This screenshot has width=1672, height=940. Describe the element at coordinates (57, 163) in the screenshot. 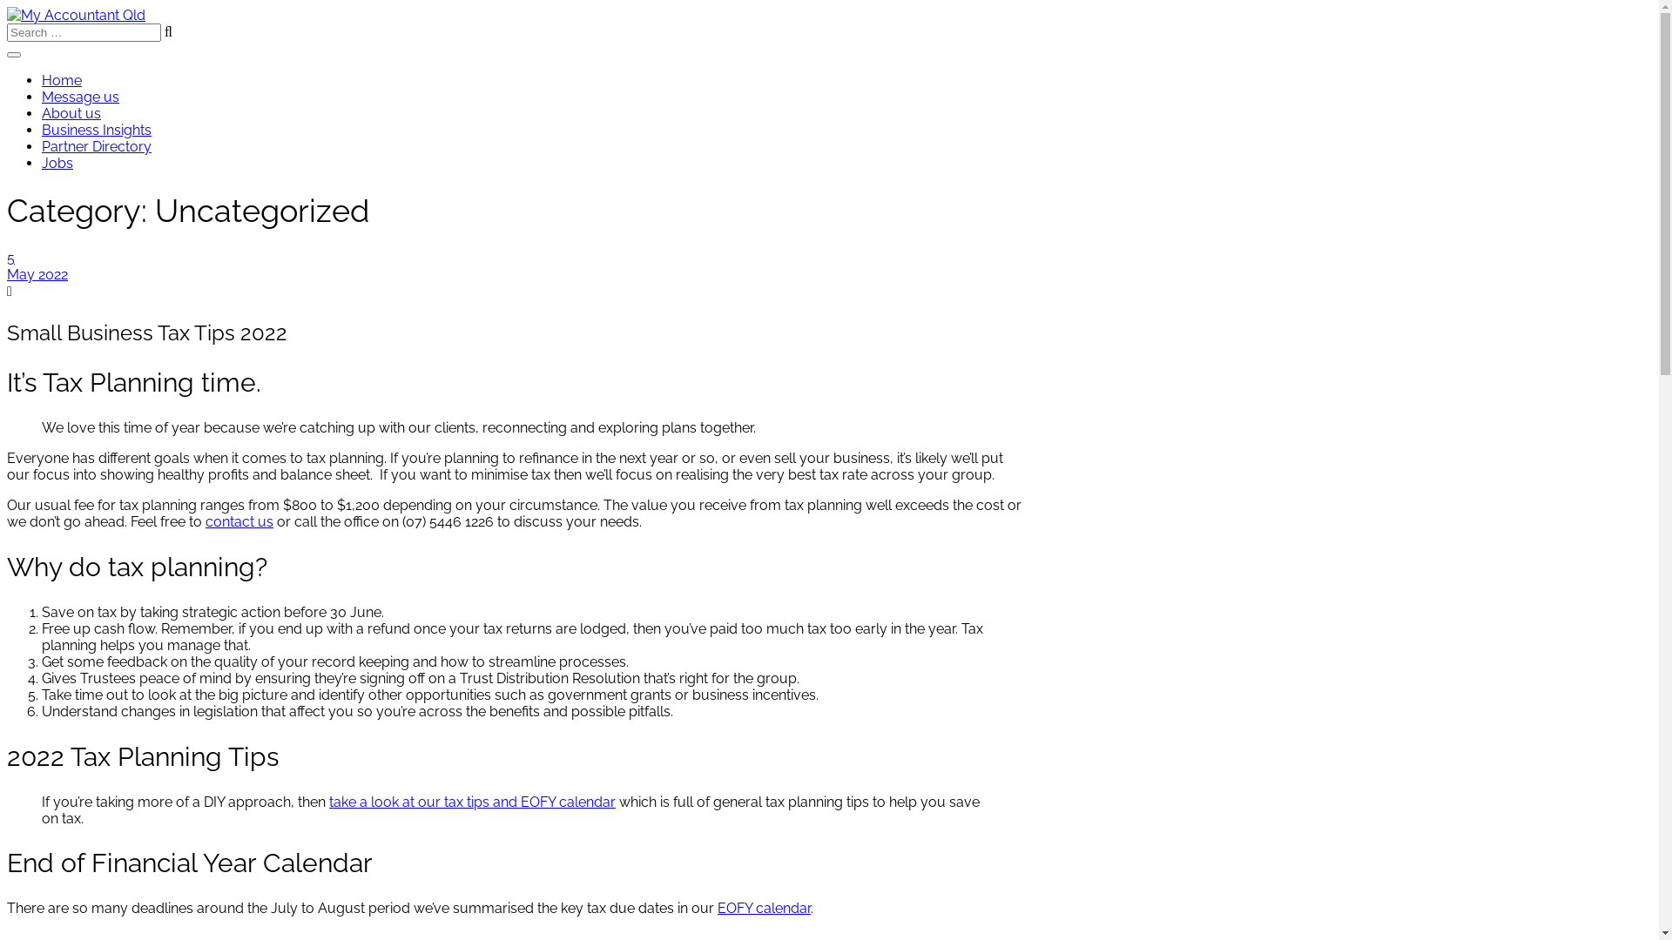

I see `'Jobs'` at that location.